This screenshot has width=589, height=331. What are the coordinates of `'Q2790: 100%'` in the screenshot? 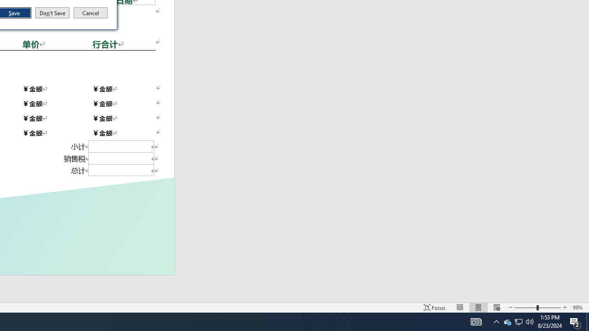 It's located at (530, 321).